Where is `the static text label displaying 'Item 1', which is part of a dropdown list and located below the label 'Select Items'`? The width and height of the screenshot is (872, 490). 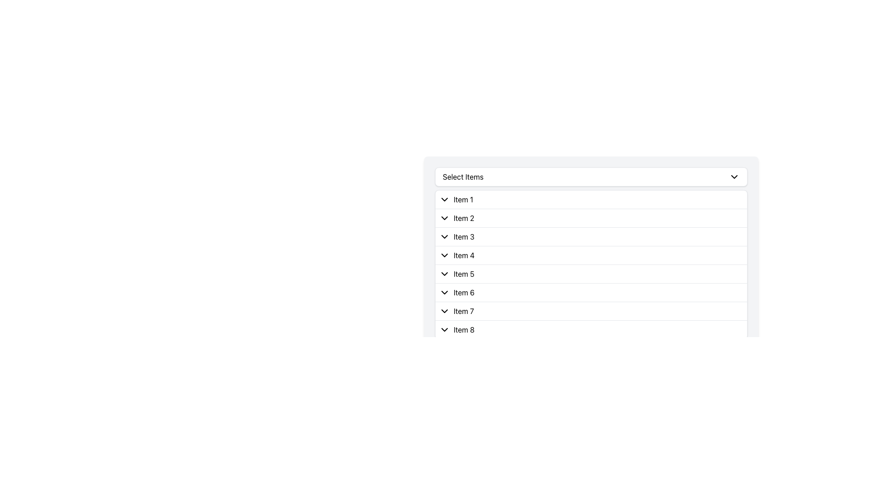 the static text label displaying 'Item 1', which is part of a dropdown list and located below the label 'Select Items' is located at coordinates (463, 199).